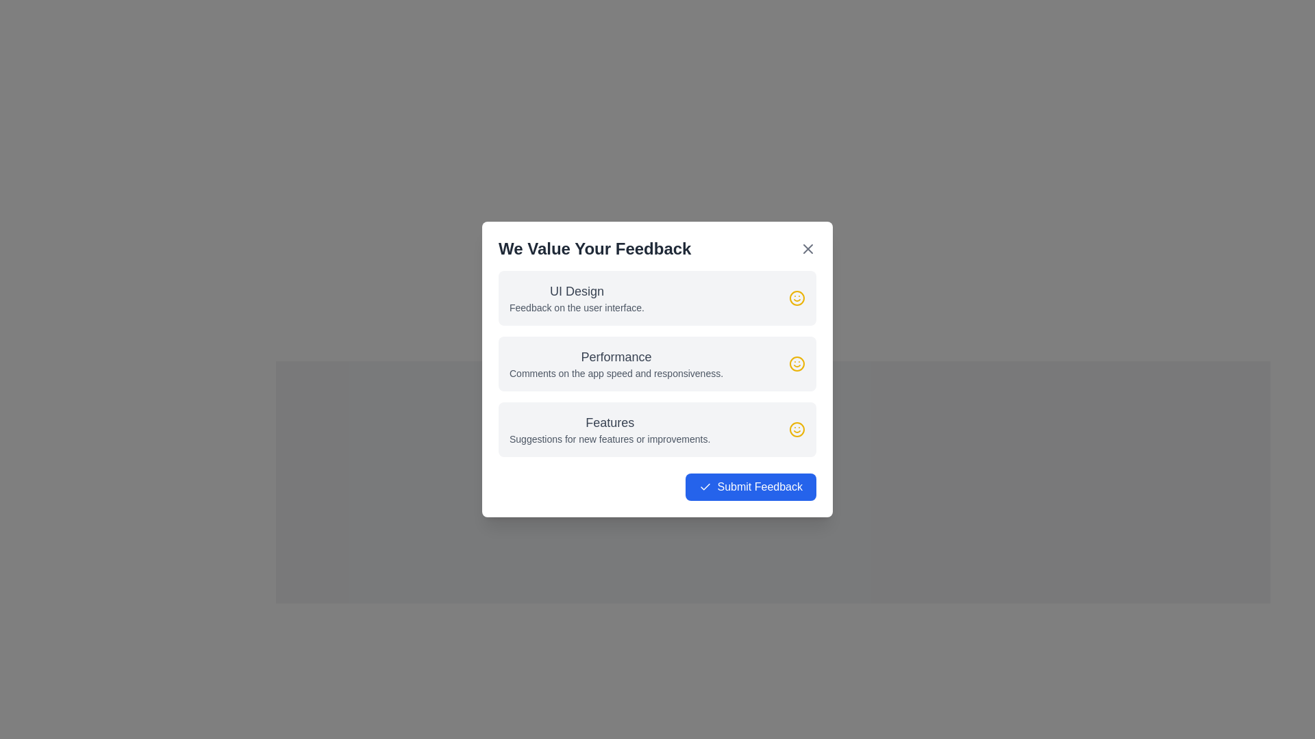 The height and width of the screenshot is (739, 1315). Describe the element at coordinates (797, 363) in the screenshot. I see `the yellow outlined, circular smiling face icon located on the right side of the 'Performance' feedback section within the feedback modal` at that location.